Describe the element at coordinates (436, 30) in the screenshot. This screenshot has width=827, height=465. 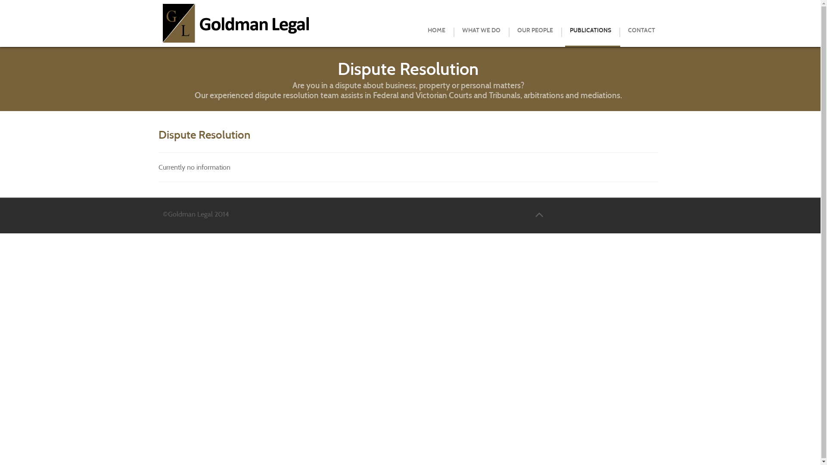
I see `'HOME'` at that location.